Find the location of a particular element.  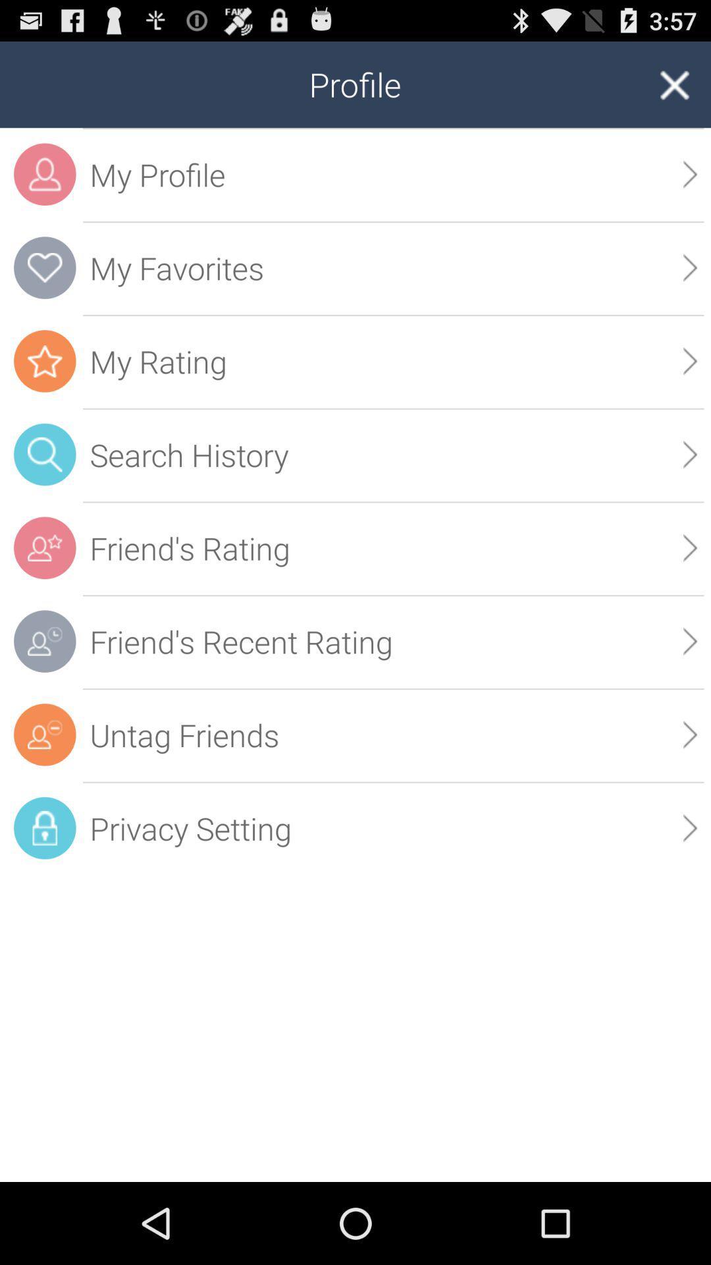

the my rating item is located at coordinates (392, 361).